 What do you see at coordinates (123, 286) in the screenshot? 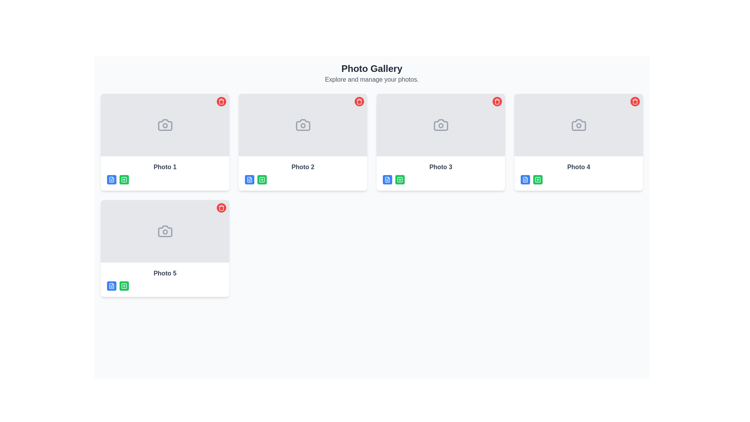
I see `the interactive button located in the lower-left section of the card labeled 'Photo 5', which is next to a blue icon on its left` at bounding box center [123, 286].